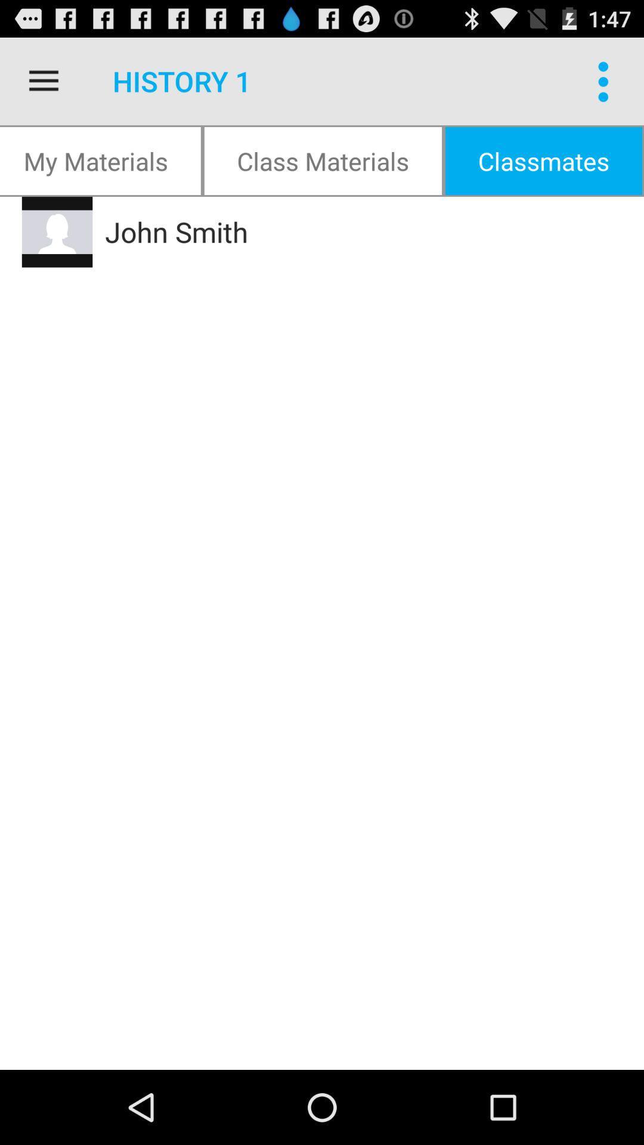 The image size is (644, 1145). I want to click on icon next to the john smith icon, so click(57, 232).